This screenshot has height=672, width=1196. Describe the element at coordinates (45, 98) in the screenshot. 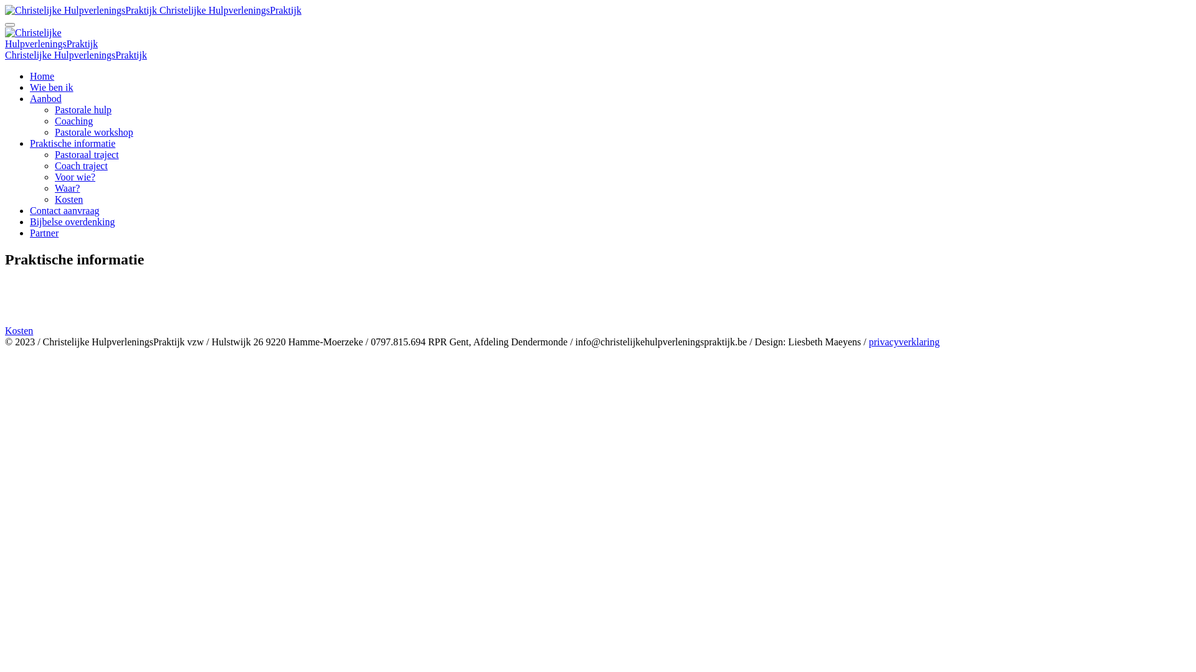

I see `'Aanbod'` at that location.